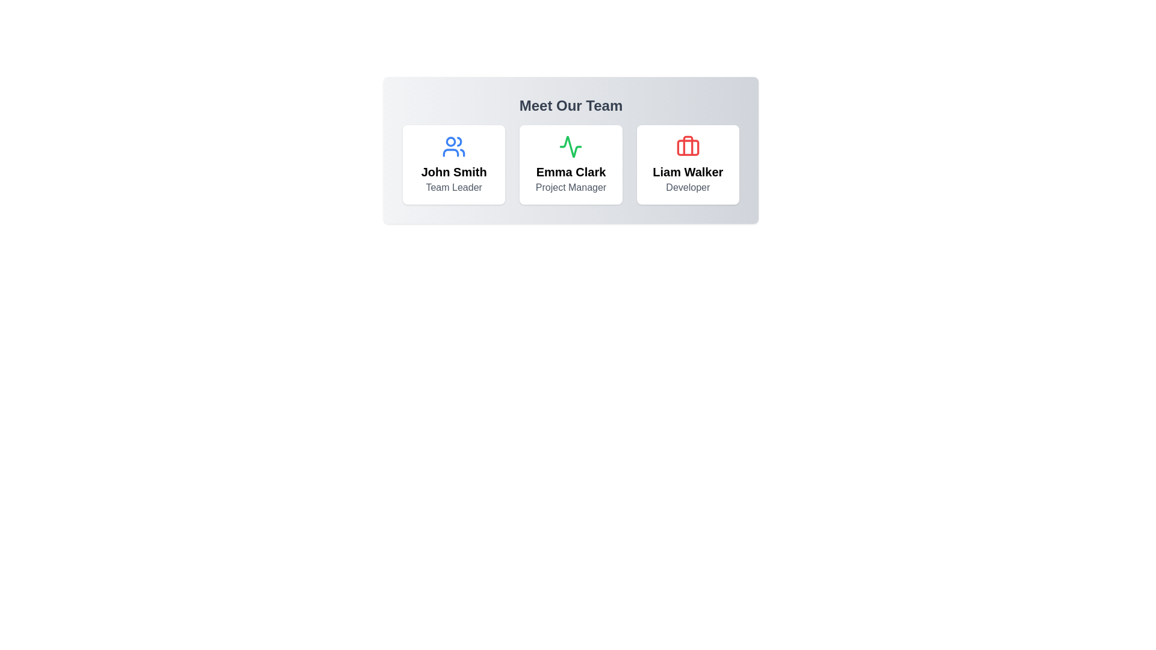 The width and height of the screenshot is (1156, 650). Describe the element at coordinates (570, 150) in the screenshot. I see `the individual employee cards within the 'Meet Our Team' section, which features a light gradient gray background and rounded corners` at that location.